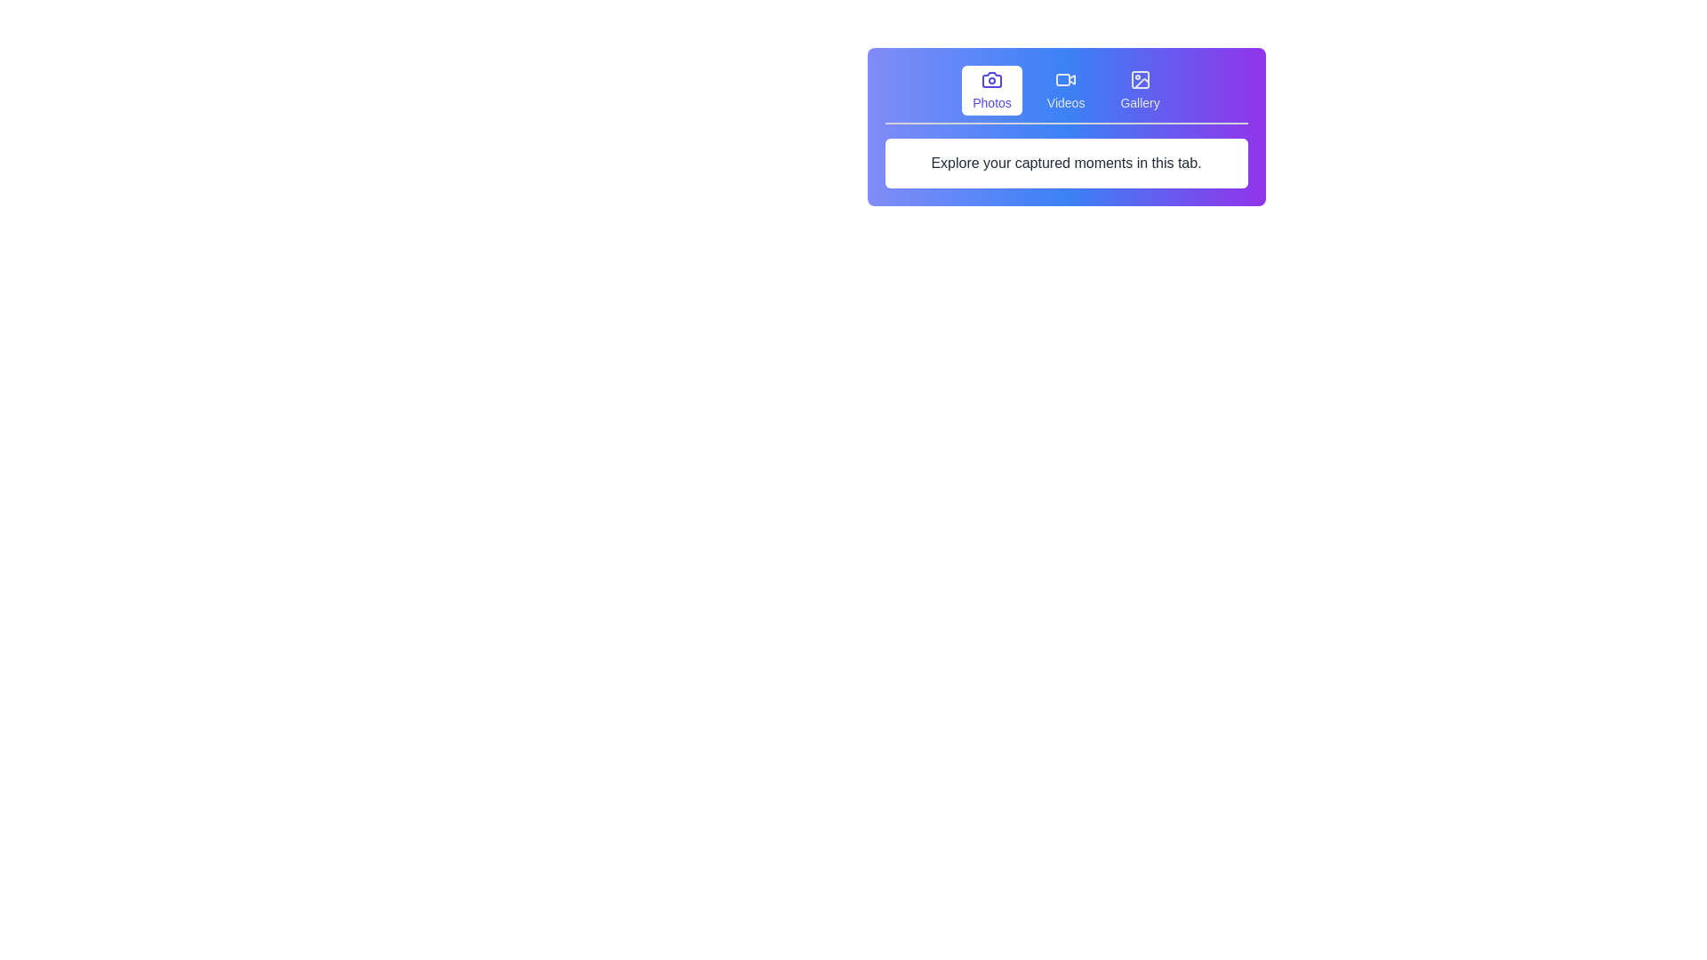  What do you see at coordinates (1066, 102) in the screenshot?
I see `the text label that identifies the video section in the horizontal menu, located beneath the video camera icon at the top center of the interface` at bounding box center [1066, 102].